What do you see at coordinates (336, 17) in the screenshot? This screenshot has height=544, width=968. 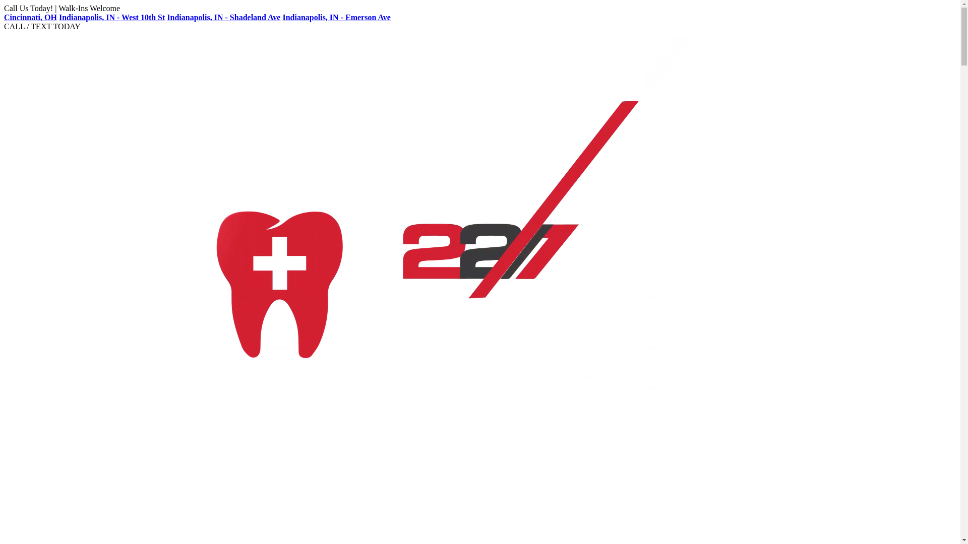 I see `'Indianapolis, IN - Emerson Ave'` at bounding box center [336, 17].